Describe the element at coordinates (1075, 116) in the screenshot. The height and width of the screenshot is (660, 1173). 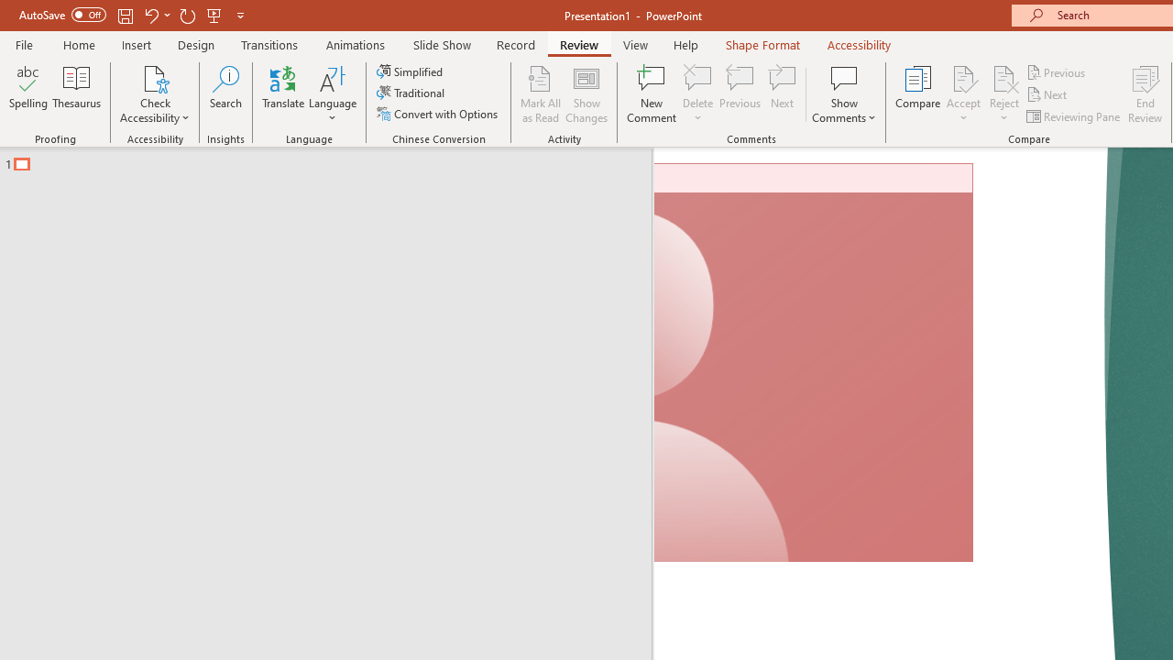
I see `'Reviewing Pane'` at that location.